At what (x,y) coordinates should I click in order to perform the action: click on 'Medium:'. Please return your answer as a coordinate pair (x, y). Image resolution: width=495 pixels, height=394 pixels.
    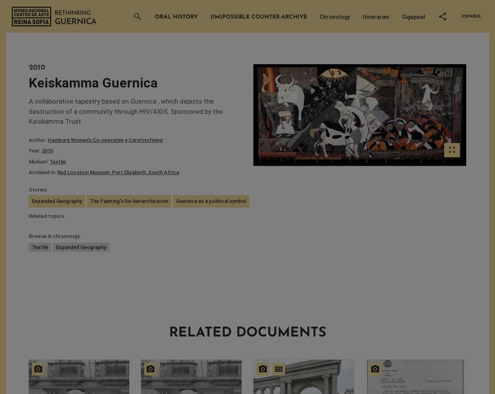
    Looking at the image, I should click on (39, 161).